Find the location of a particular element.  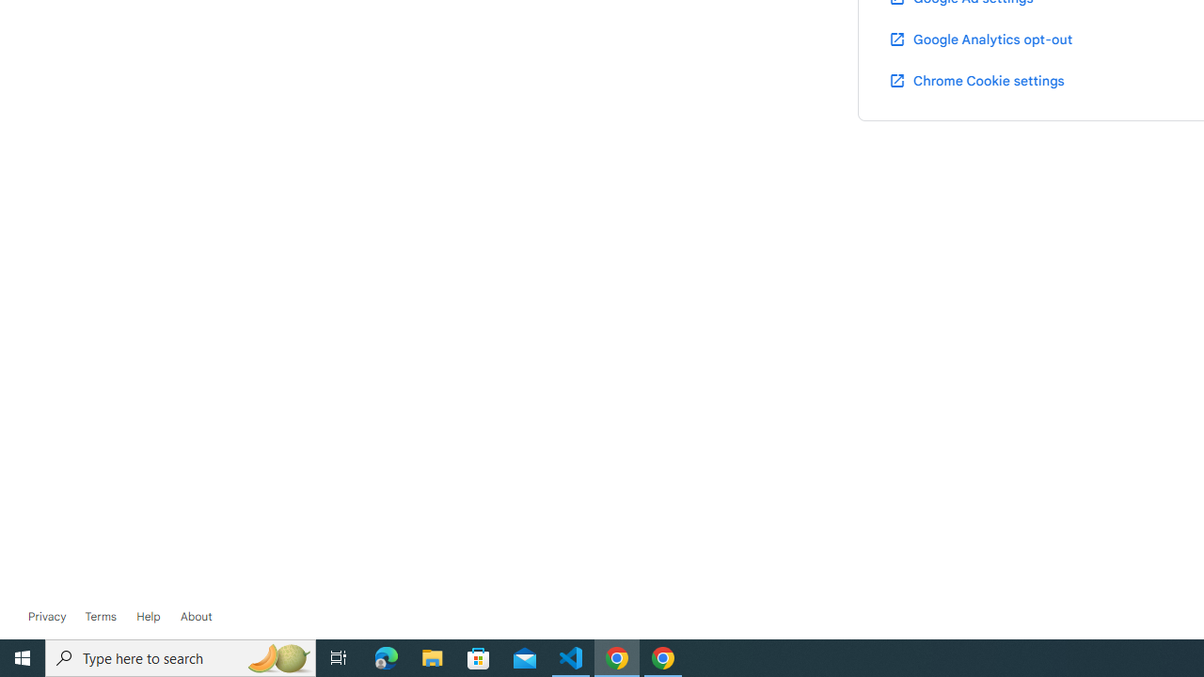

'Privacy' is located at coordinates (47, 616).